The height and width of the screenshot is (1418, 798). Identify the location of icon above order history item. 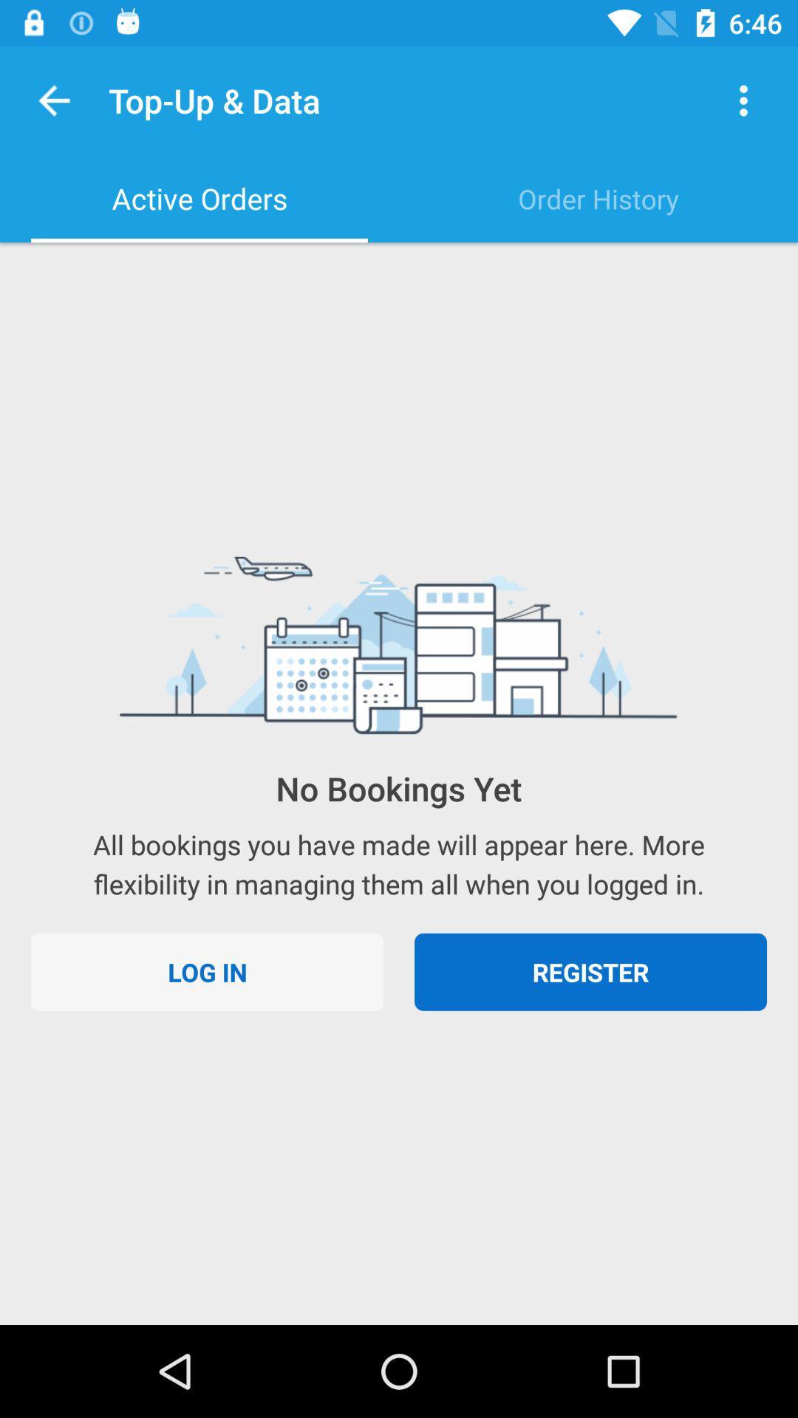
(743, 100).